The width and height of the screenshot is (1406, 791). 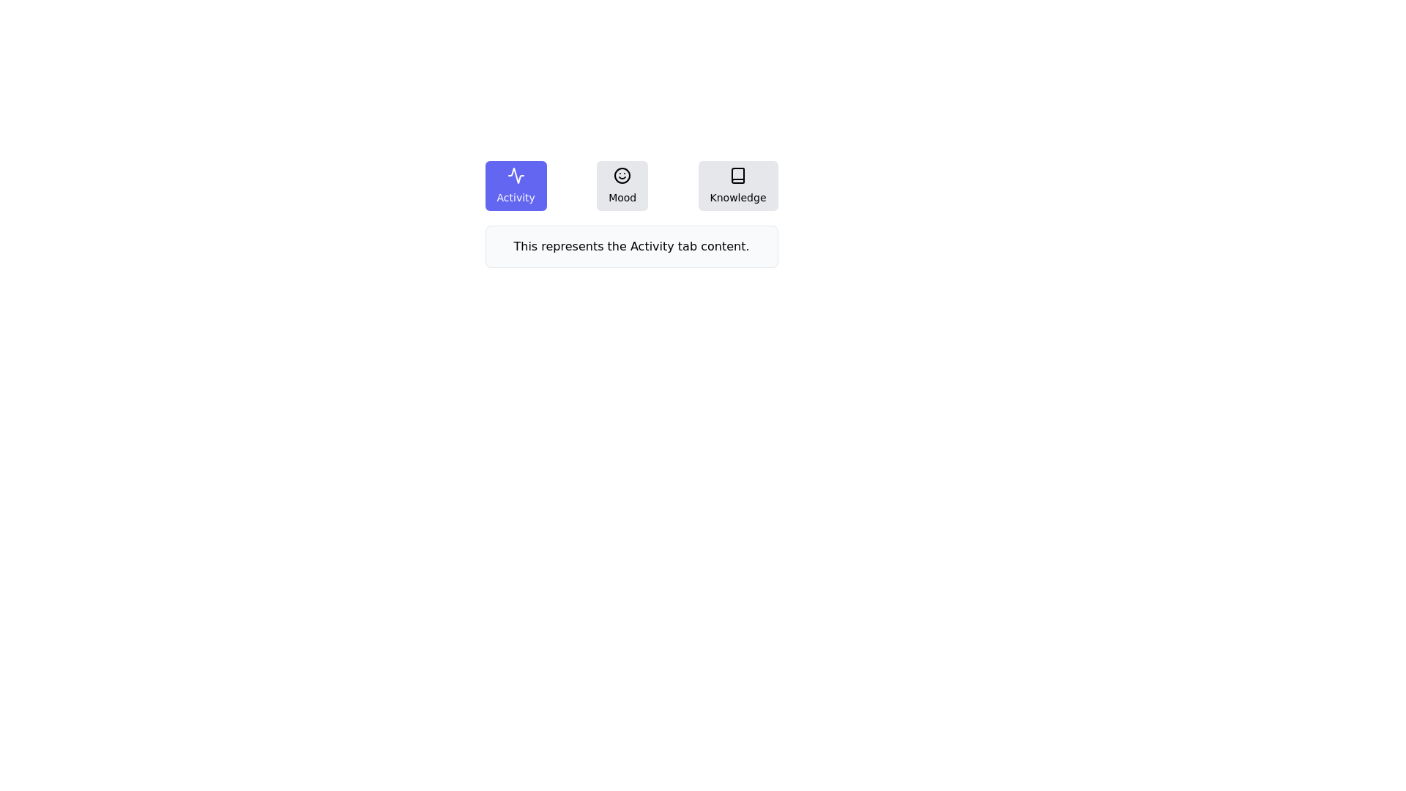 I want to click on the 'Activity' button, which is an interactive element used, so click(x=516, y=185).